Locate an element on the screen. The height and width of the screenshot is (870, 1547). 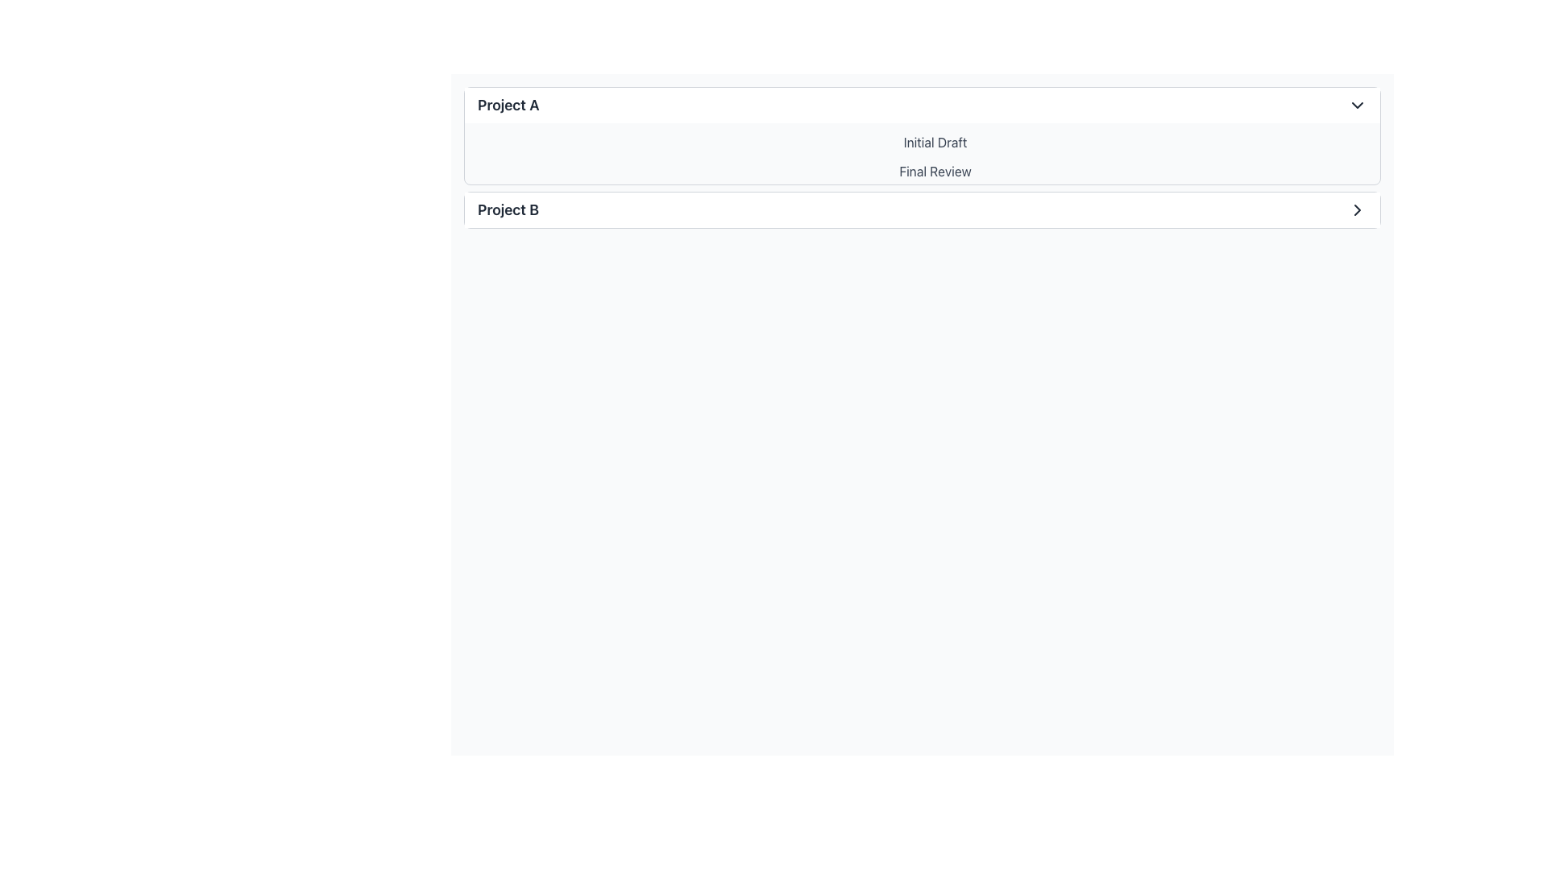
the 'Project B' text label, which is bold and larger than surrounding texts is located at coordinates (508, 209).